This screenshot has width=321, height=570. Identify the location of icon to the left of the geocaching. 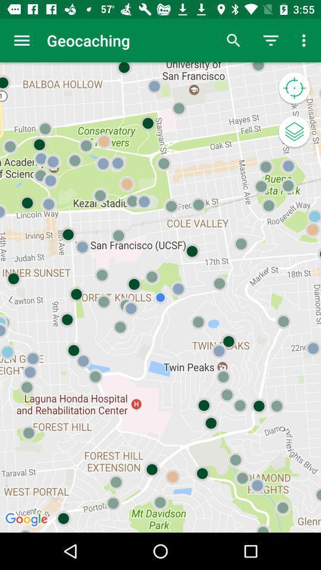
(21, 40).